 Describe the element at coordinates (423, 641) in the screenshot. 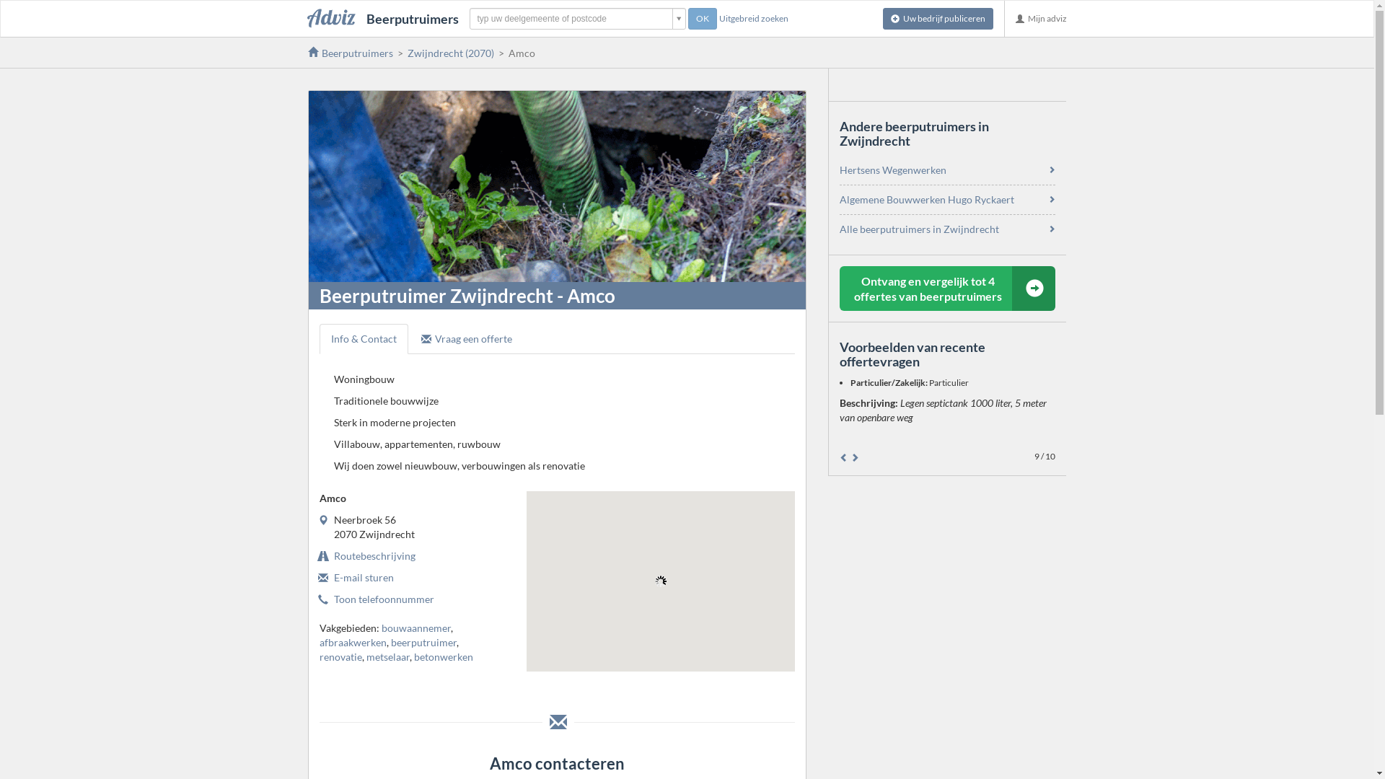

I see `'beerputruimer'` at that location.